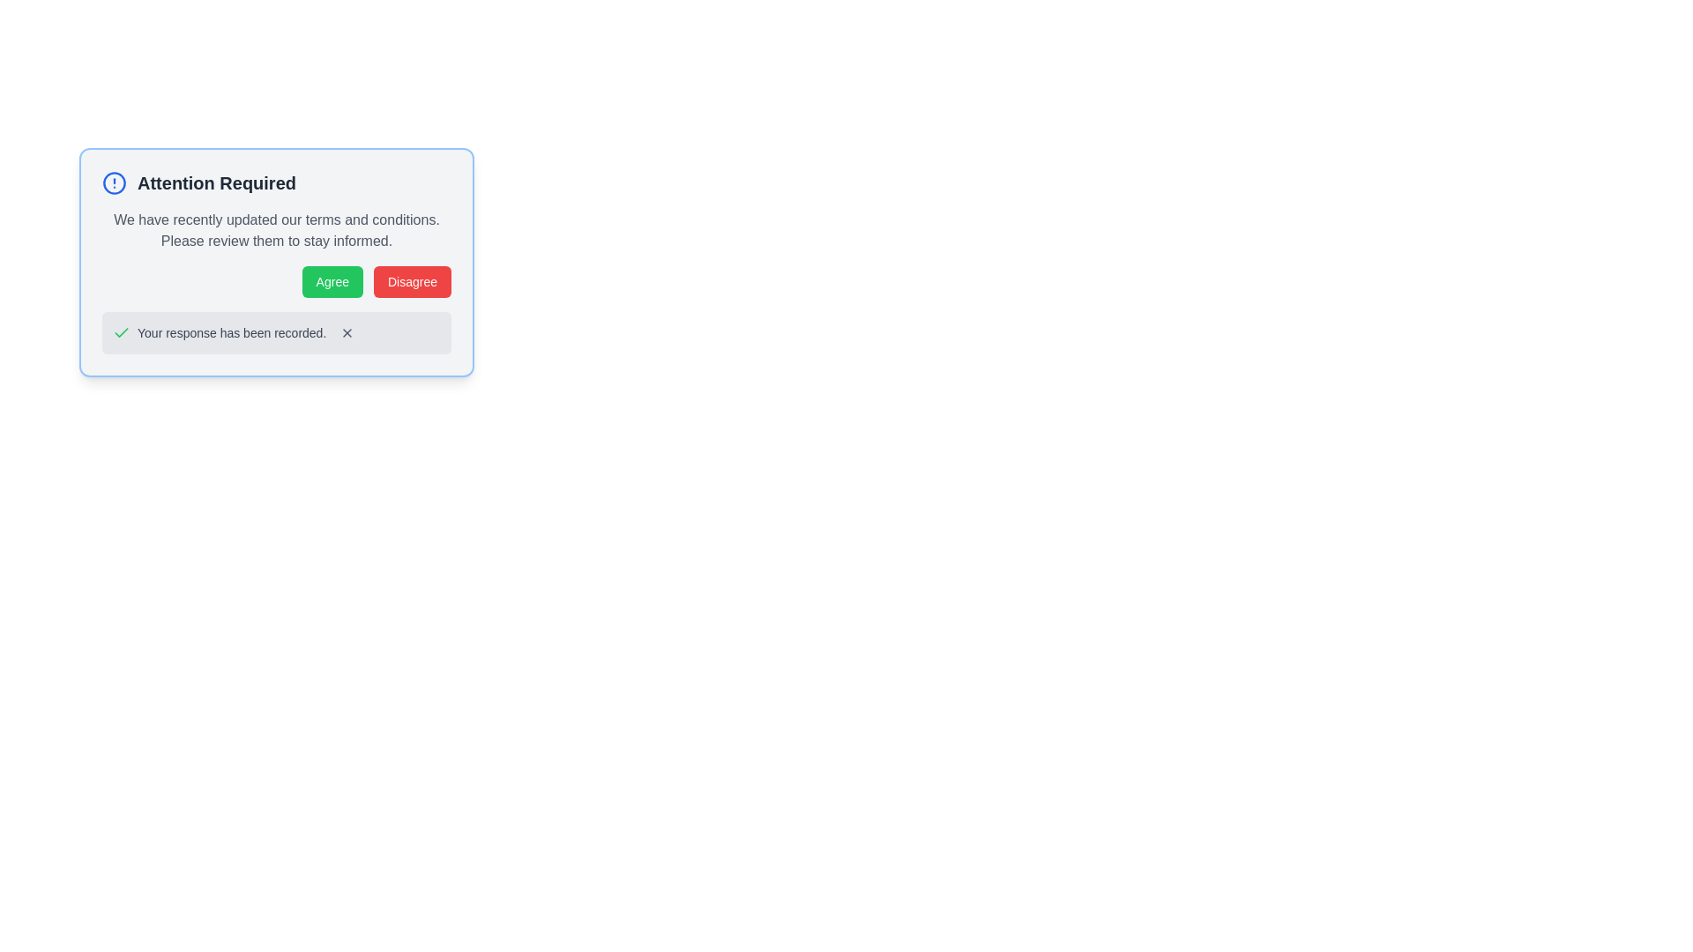 This screenshot has height=952, width=1693. I want to click on text from the 'Attention Required' label which is styled in bold and dark gray color, located at the top center of the modal section, so click(215, 183).